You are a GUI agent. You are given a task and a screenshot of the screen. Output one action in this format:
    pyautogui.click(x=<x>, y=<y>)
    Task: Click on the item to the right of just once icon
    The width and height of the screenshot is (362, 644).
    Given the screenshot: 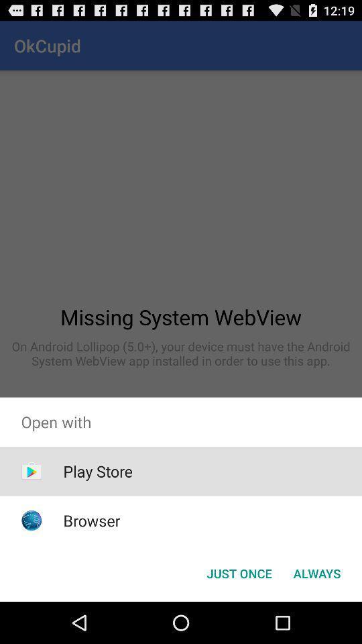 What is the action you would take?
    pyautogui.click(x=316, y=572)
    